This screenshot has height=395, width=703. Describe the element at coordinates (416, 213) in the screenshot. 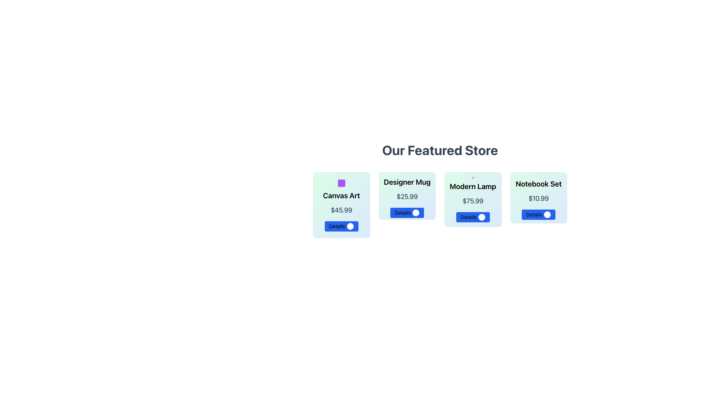

I see `the circular icon graphic within the 'Details' button for the 'Designer Mug' product card in the 'Our Featured Store' section` at that location.